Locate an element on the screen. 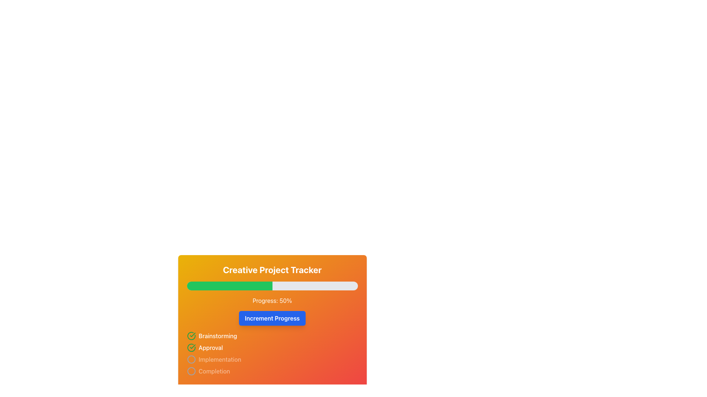 The width and height of the screenshot is (707, 397). the inner circle visual indicator that represents a bullet point in the 'Implementation' row of the progression list, located under the 'Increment Progress' button is located at coordinates (191, 359).